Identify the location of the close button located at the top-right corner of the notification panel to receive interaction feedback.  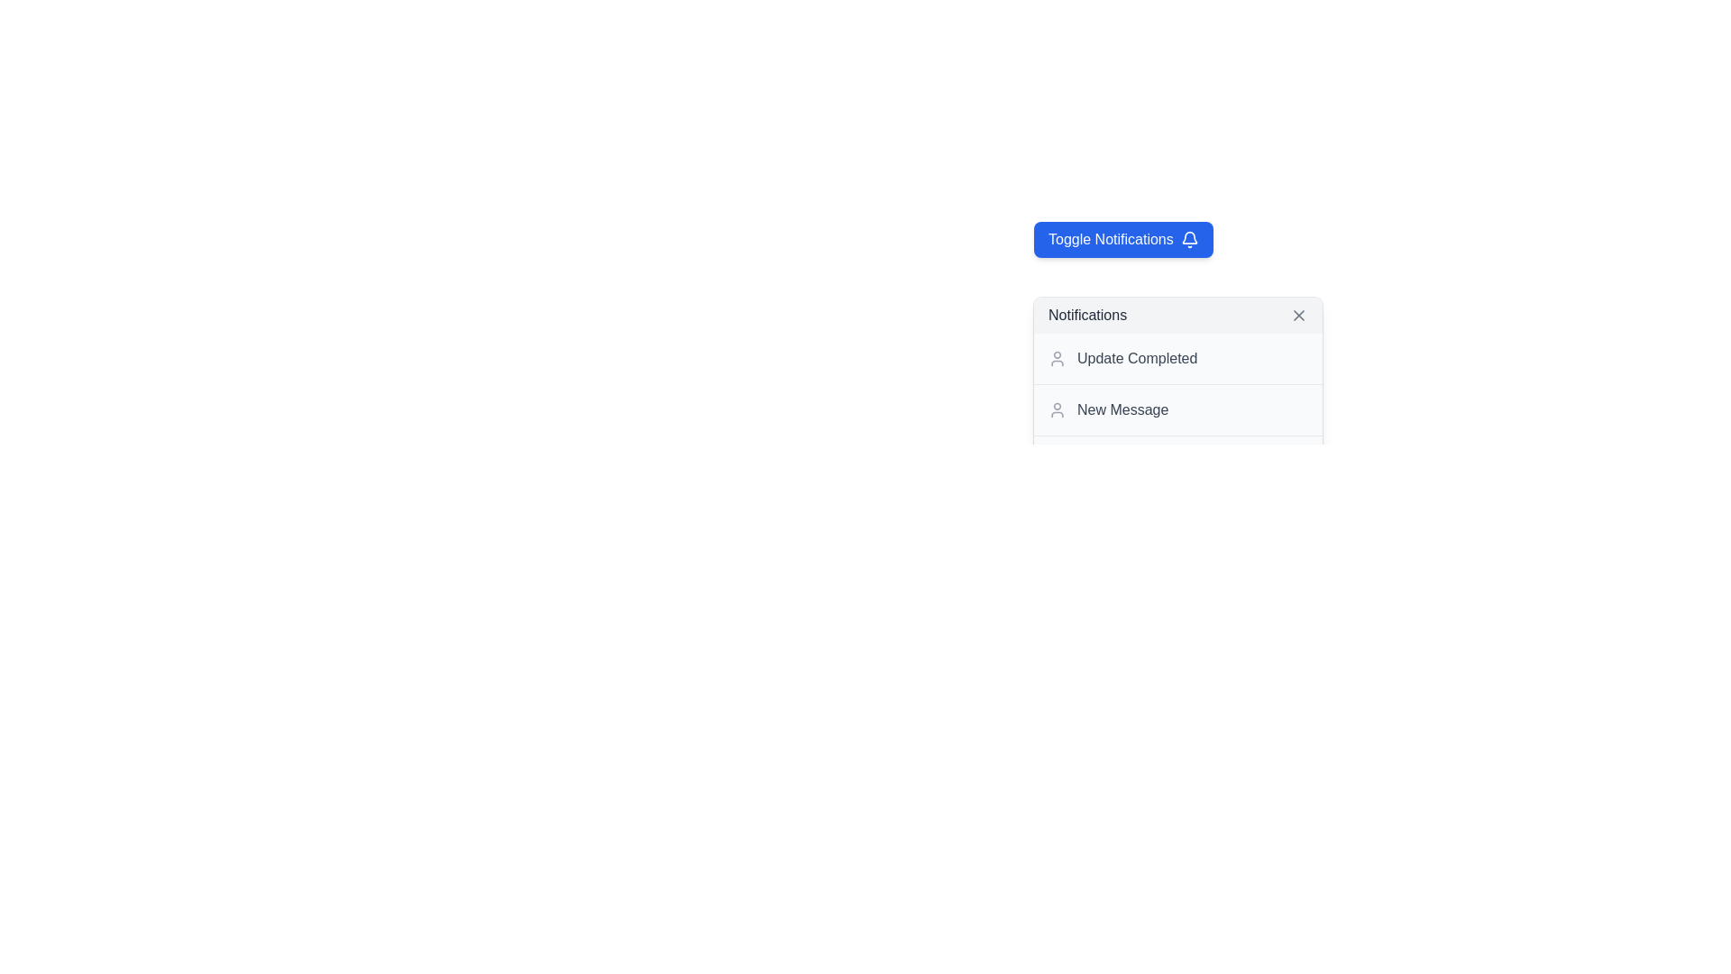
(1298, 315).